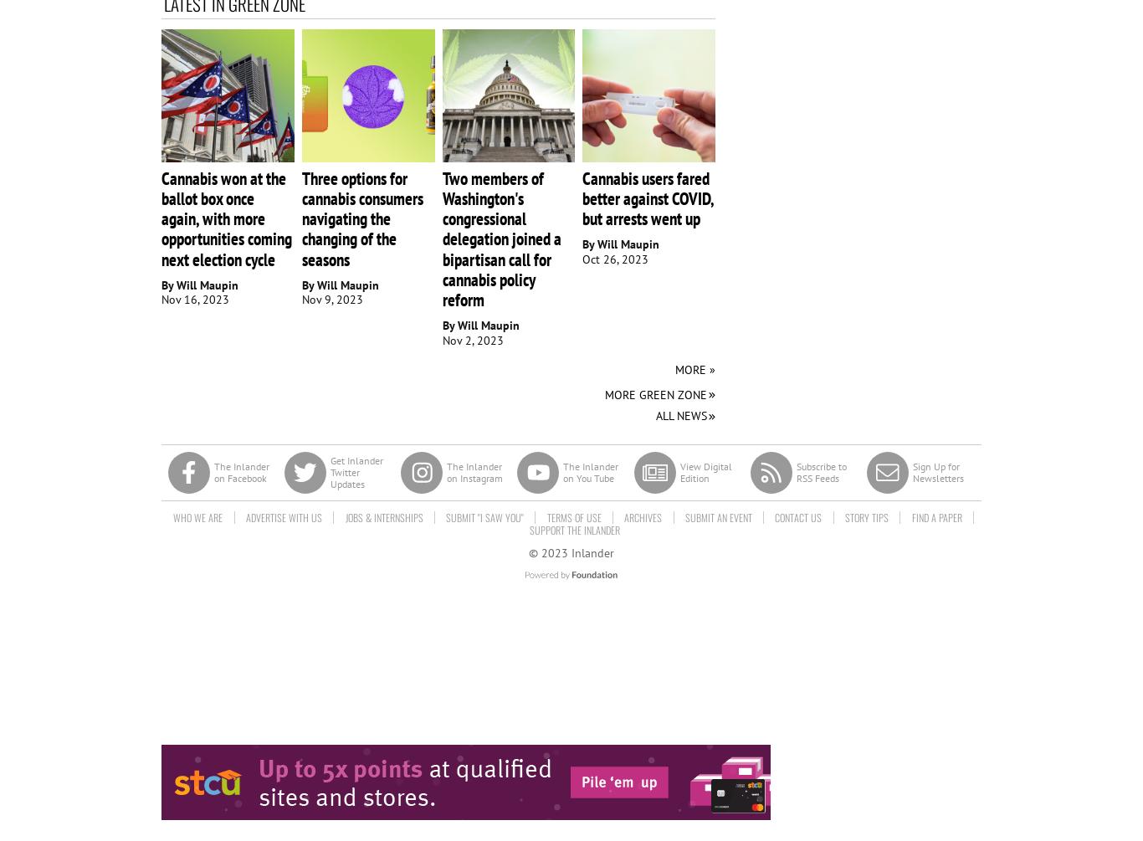 The width and height of the screenshot is (1143, 841). What do you see at coordinates (474, 470) in the screenshot?
I see `'The Inlander on Instagram'` at bounding box center [474, 470].